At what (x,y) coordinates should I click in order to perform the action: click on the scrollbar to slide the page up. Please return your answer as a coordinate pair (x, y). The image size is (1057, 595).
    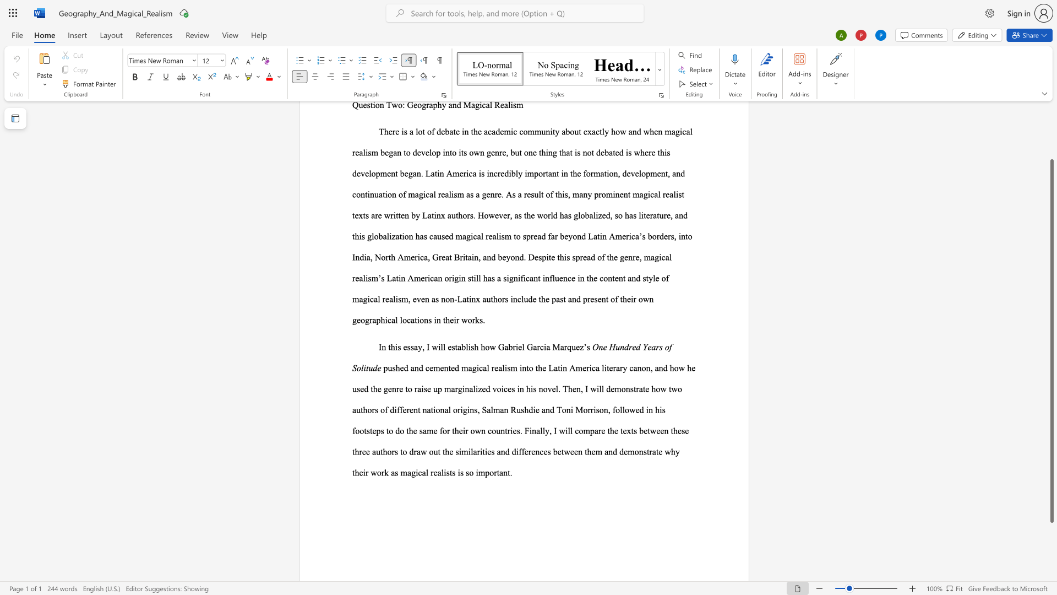
    Looking at the image, I should click on (1051, 149).